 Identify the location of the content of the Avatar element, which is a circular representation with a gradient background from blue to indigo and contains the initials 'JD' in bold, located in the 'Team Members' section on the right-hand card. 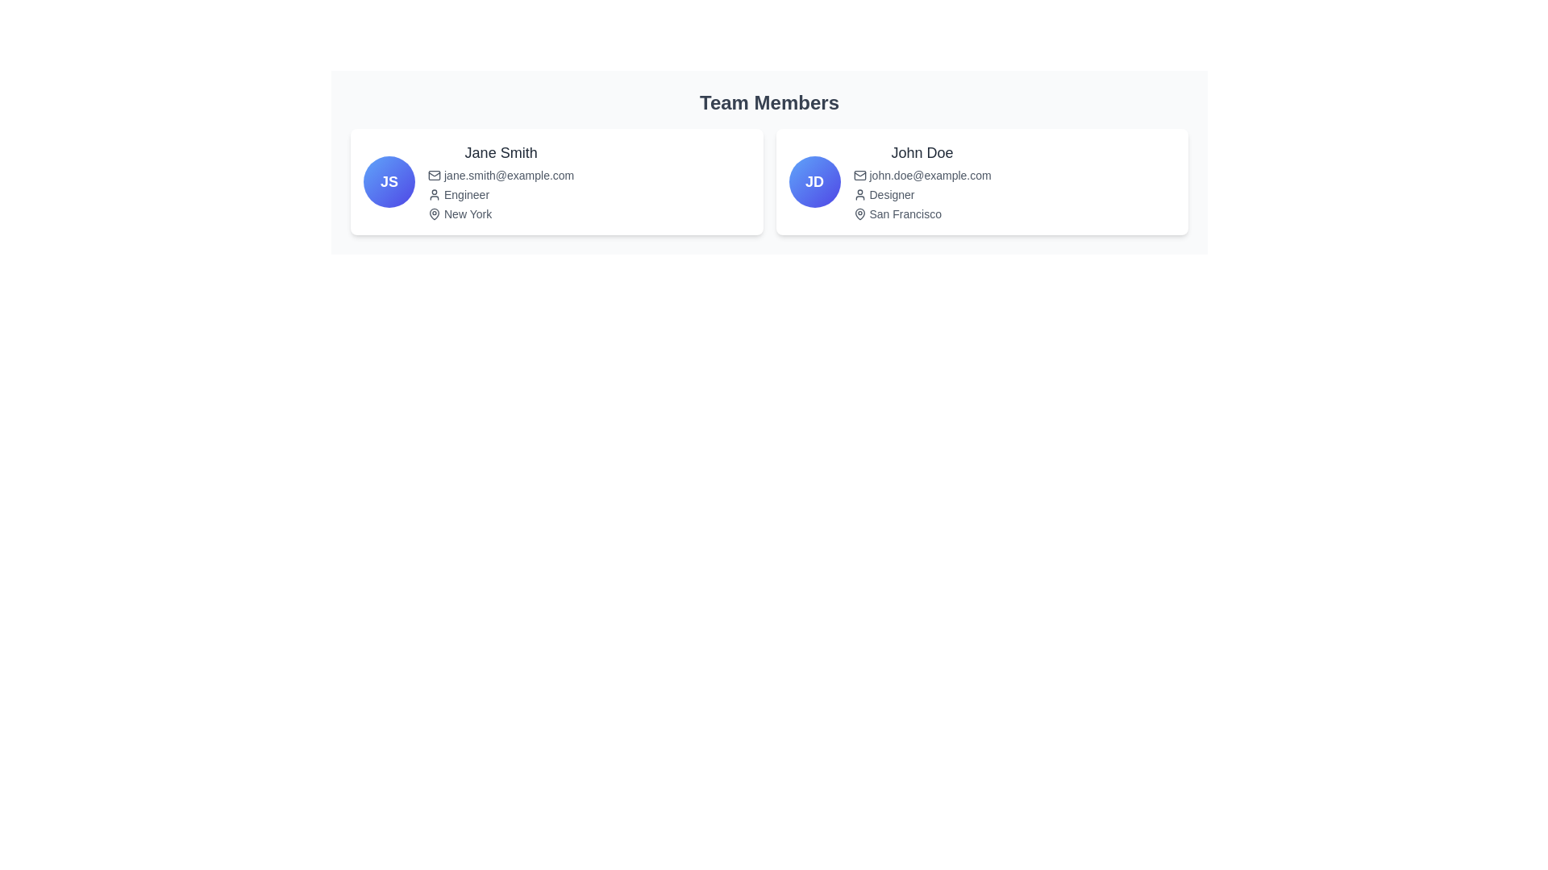
(814, 181).